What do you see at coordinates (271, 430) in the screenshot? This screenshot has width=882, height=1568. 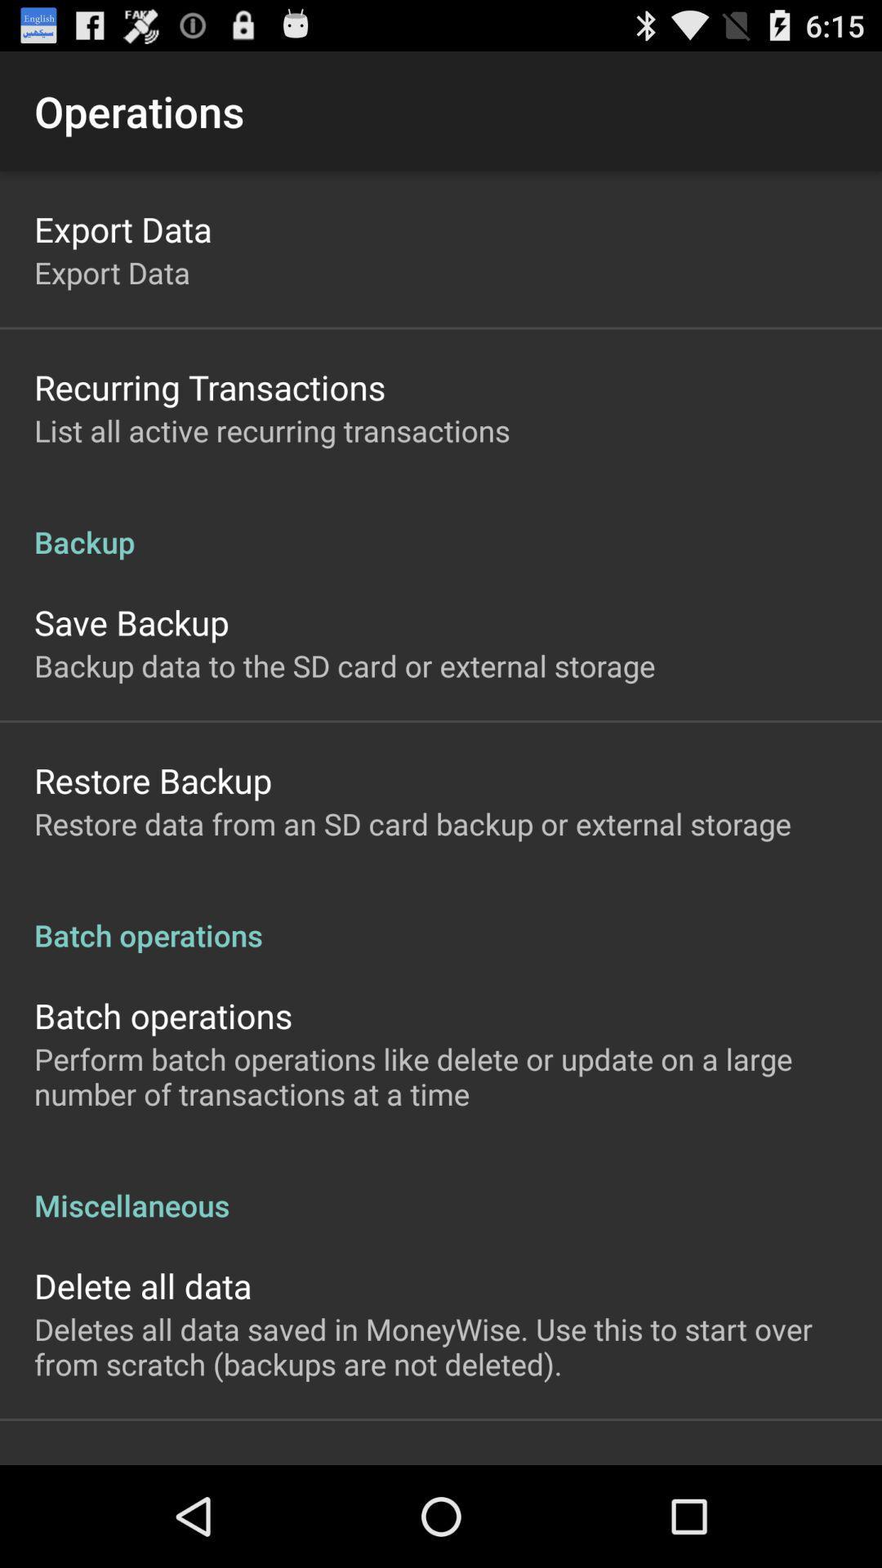 I see `icon below the recurring transactions` at bounding box center [271, 430].